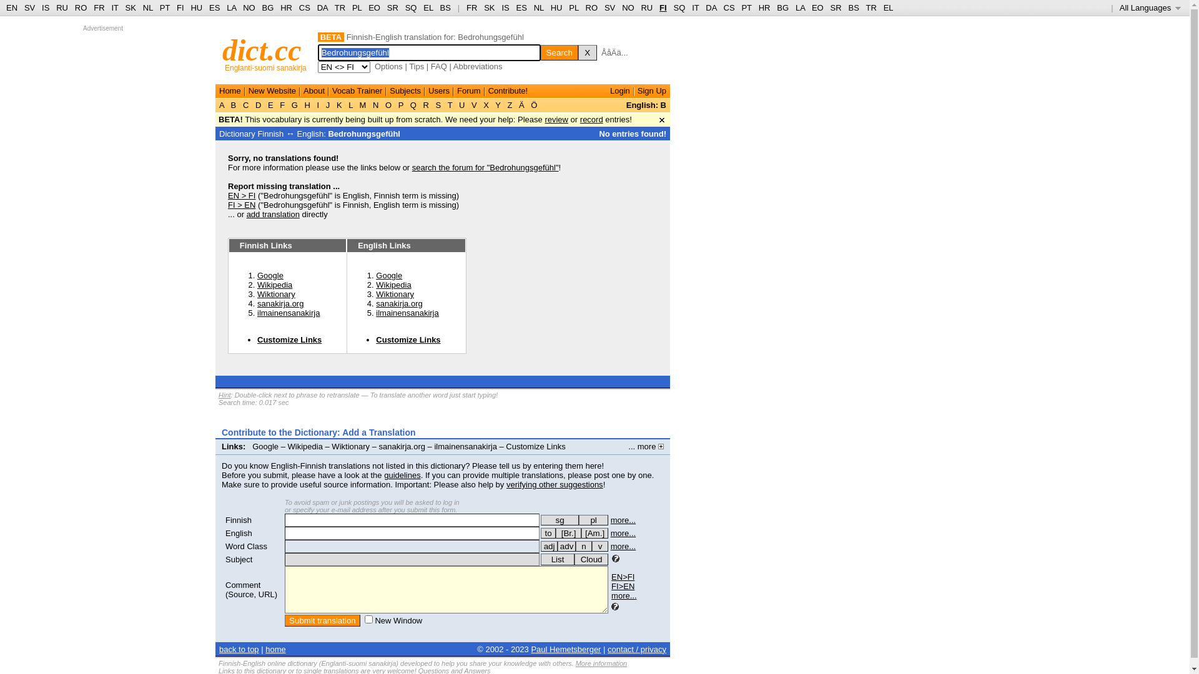  What do you see at coordinates (272, 213) in the screenshot?
I see `'add translation'` at bounding box center [272, 213].